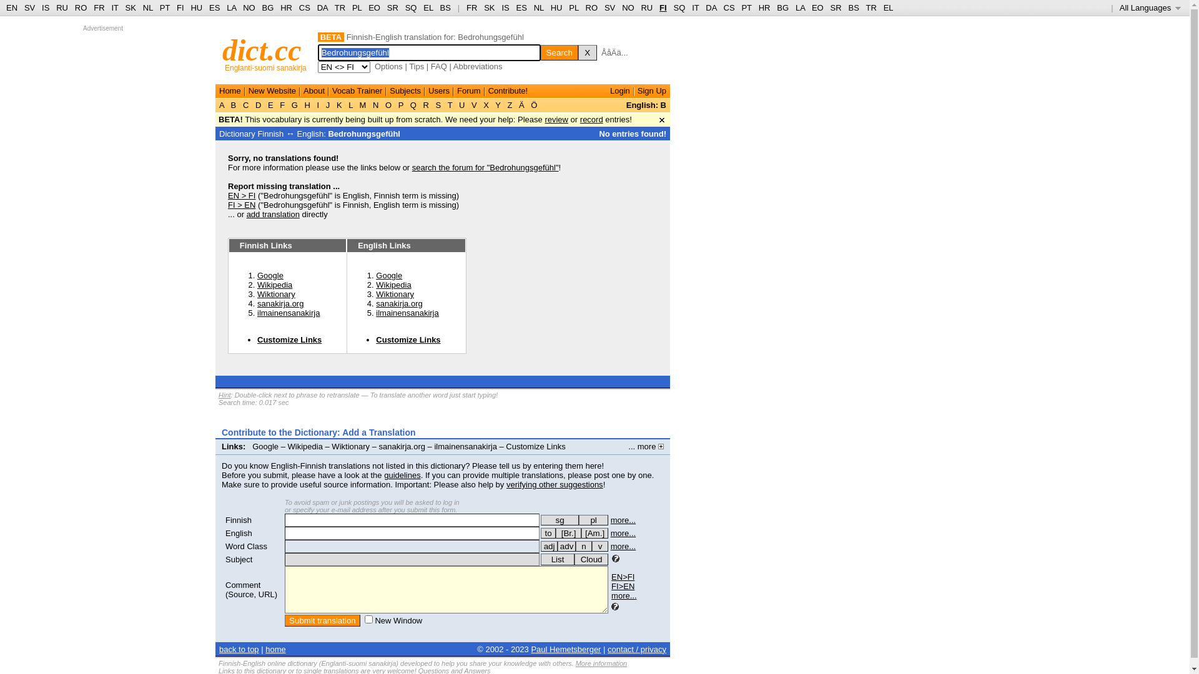  What do you see at coordinates (272, 213) in the screenshot?
I see `'add translation'` at bounding box center [272, 213].